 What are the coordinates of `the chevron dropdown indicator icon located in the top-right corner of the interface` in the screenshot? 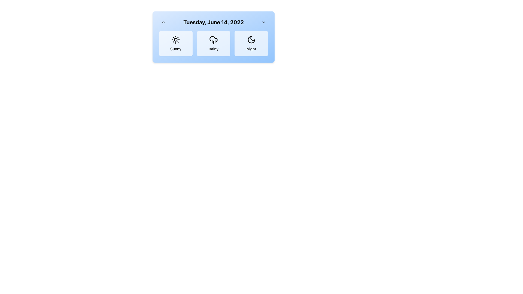 It's located at (264, 22).